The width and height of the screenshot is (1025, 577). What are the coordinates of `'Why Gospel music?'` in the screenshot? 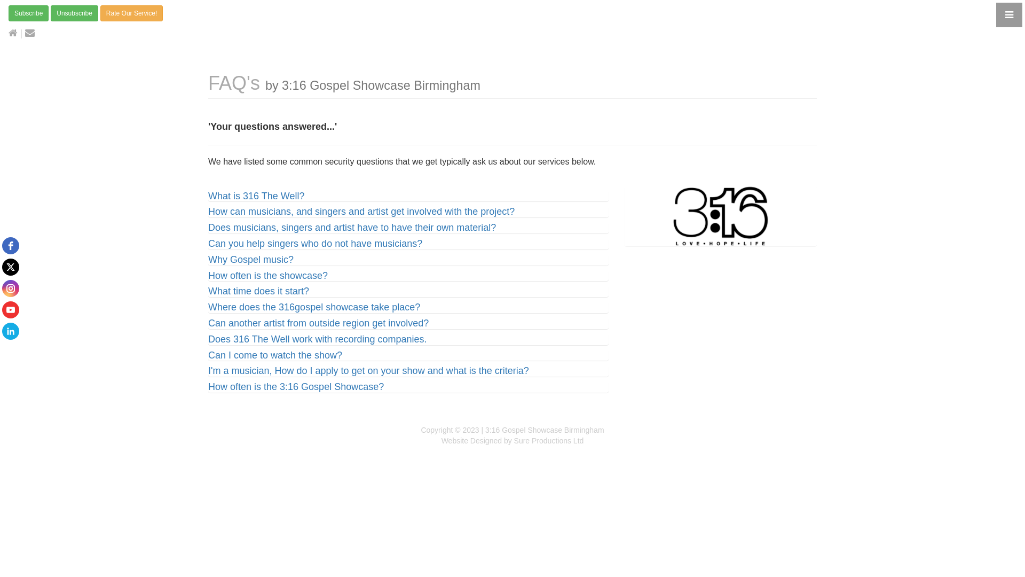 It's located at (250, 260).